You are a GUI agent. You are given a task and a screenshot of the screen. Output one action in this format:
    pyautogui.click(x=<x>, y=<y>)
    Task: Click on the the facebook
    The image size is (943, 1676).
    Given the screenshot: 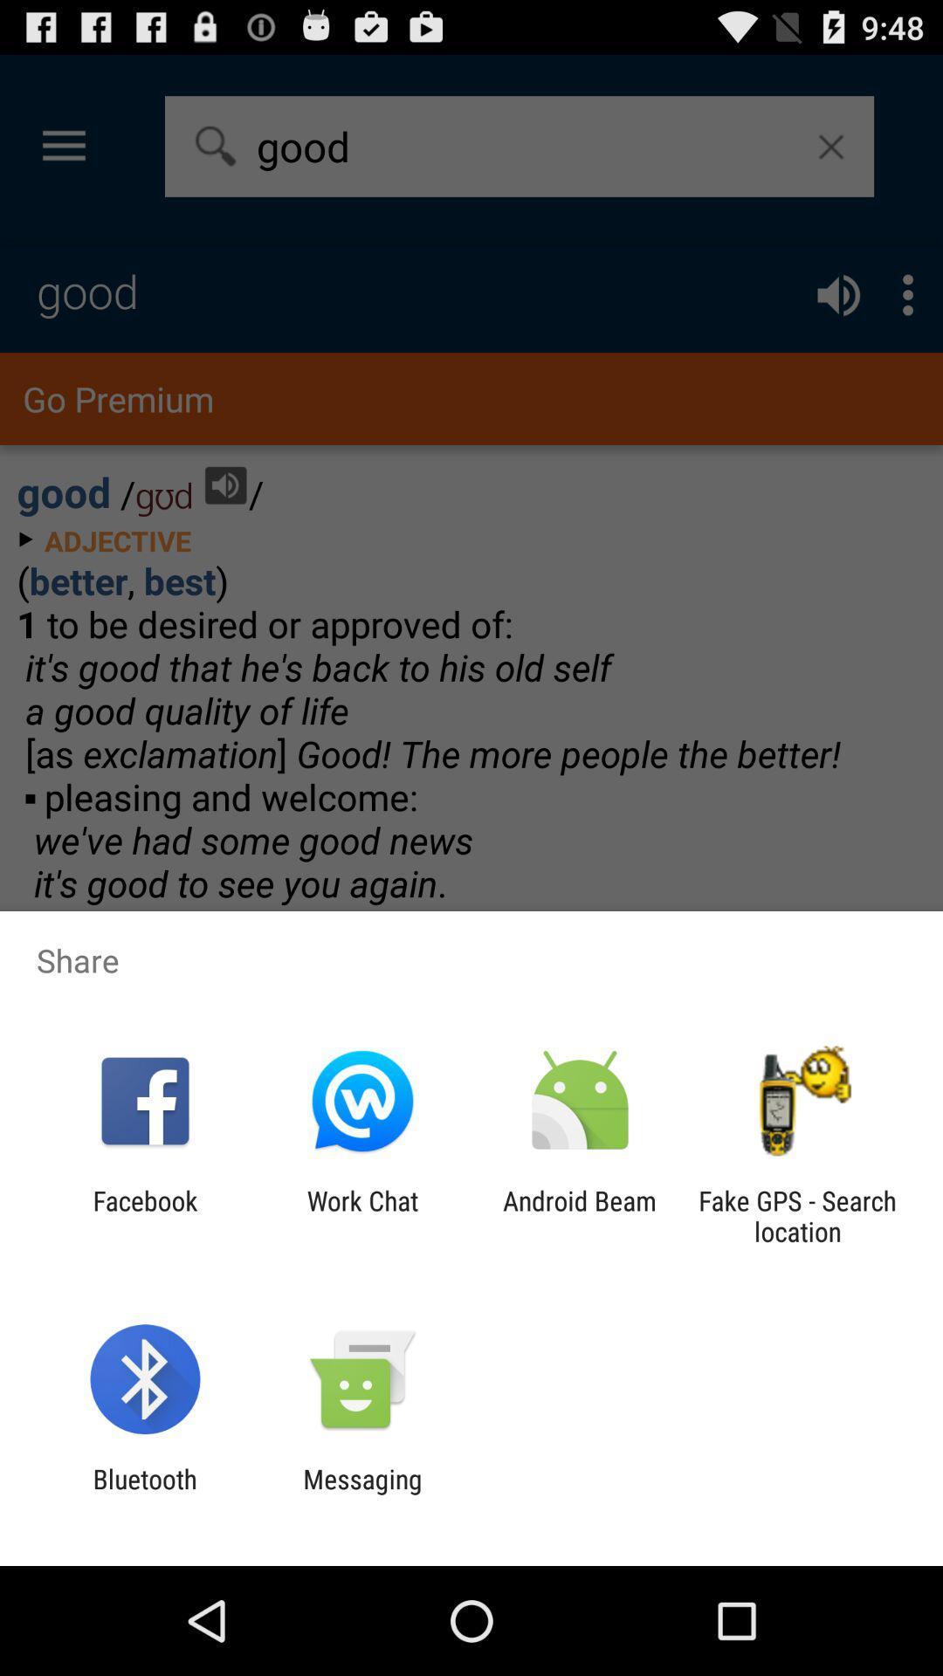 What is the action you would take?
    pyautogui.click(x=144, y=1215)
    